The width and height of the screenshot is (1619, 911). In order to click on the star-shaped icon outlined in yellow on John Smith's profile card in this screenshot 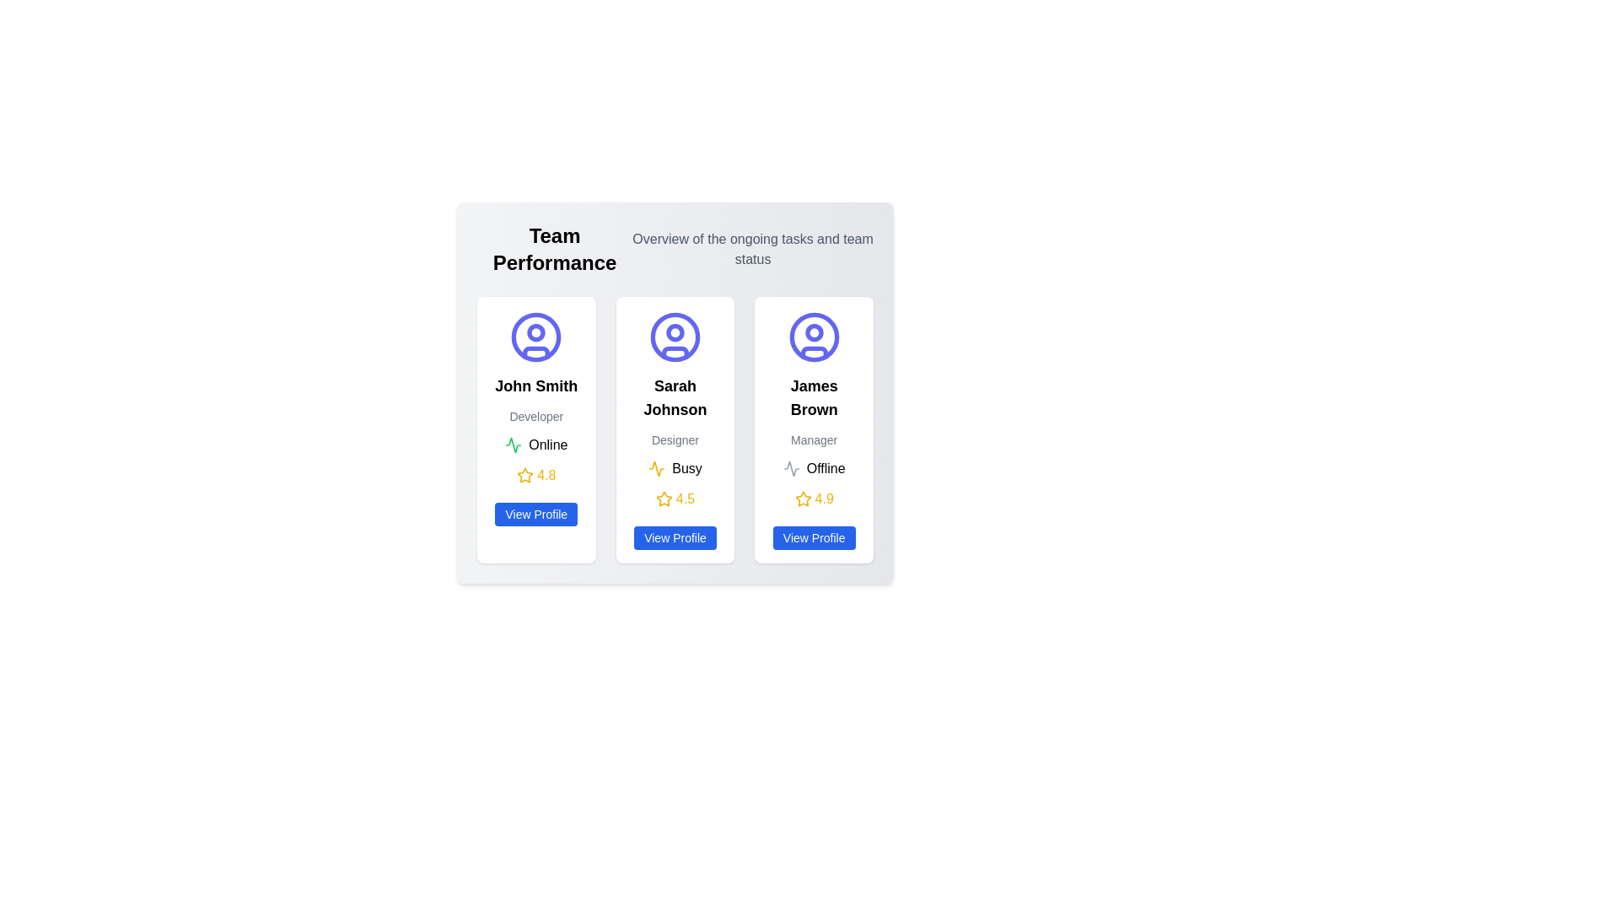, I will do `click(524, 475)`.